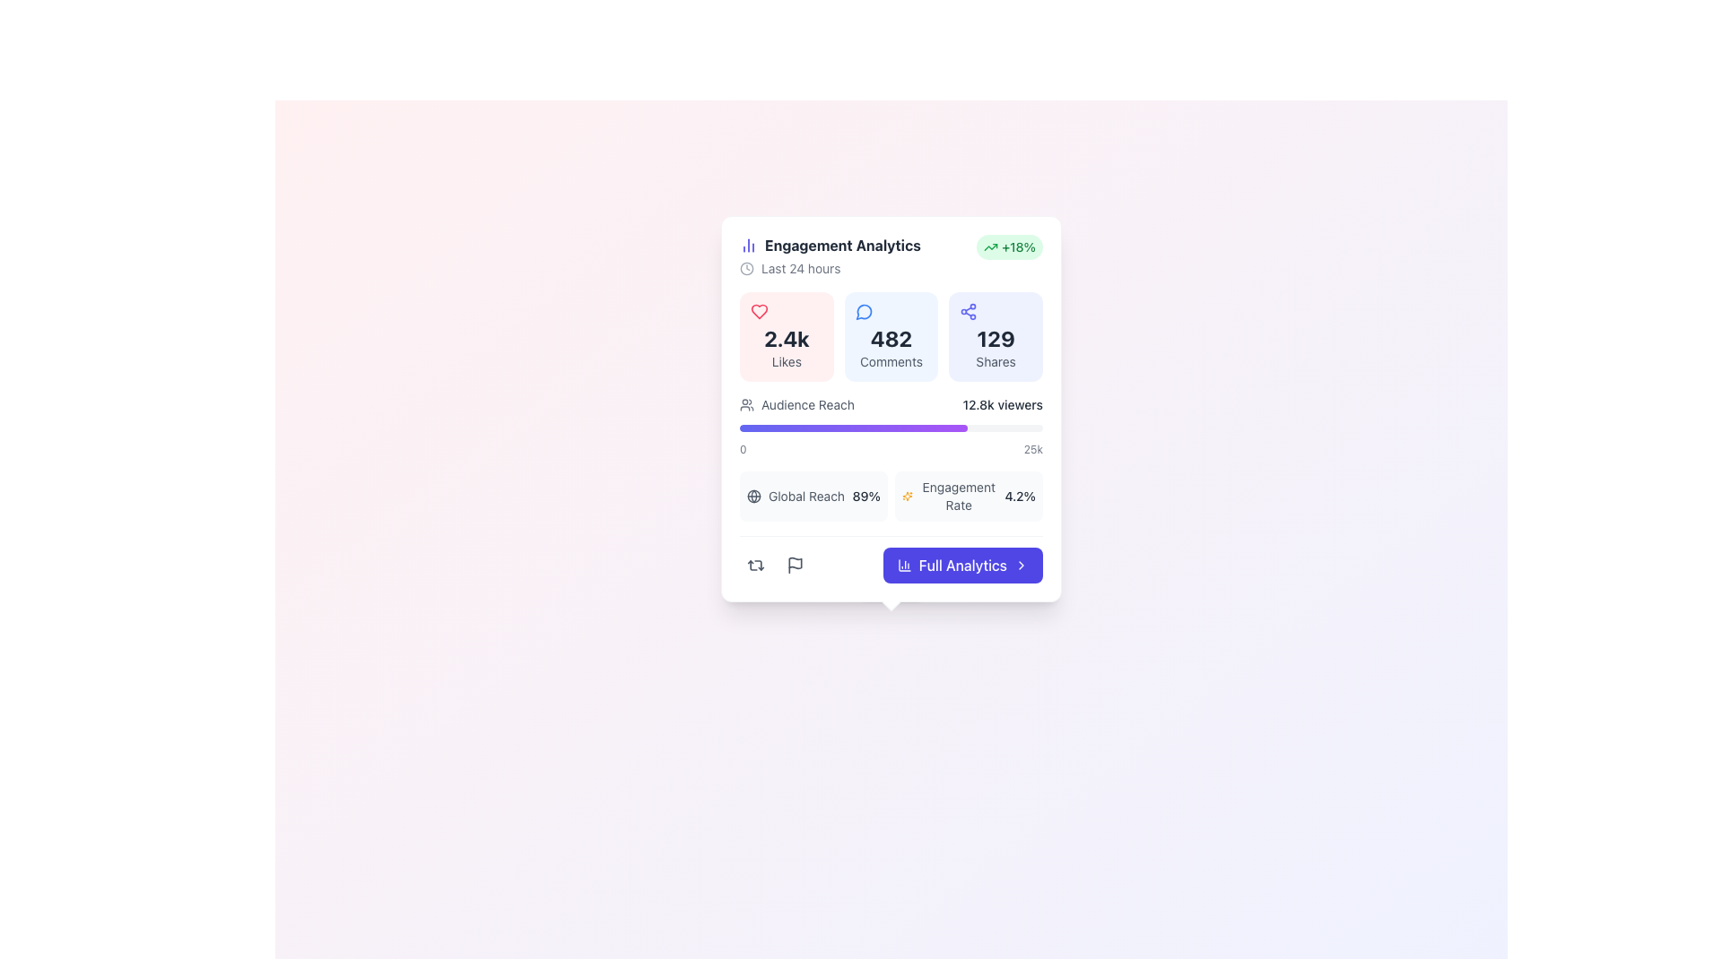 This screenshot has height=968, width=1722. Describe the element at coordinates (1020, 497) in the screenshot. I see `the bold text label displaying the percentage '4.2%' in dark gray located beside the 'Engagement Rate' label` at that location.